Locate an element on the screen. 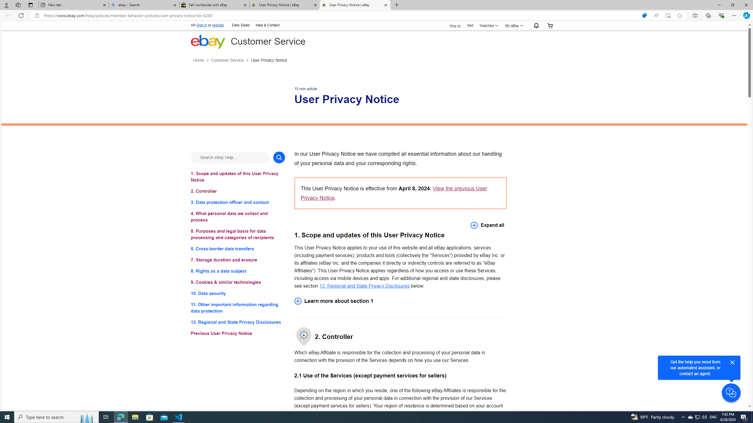 The height and width of the screenshot is (423, 753). '10. Data security' is located at coordinates (237, 293).